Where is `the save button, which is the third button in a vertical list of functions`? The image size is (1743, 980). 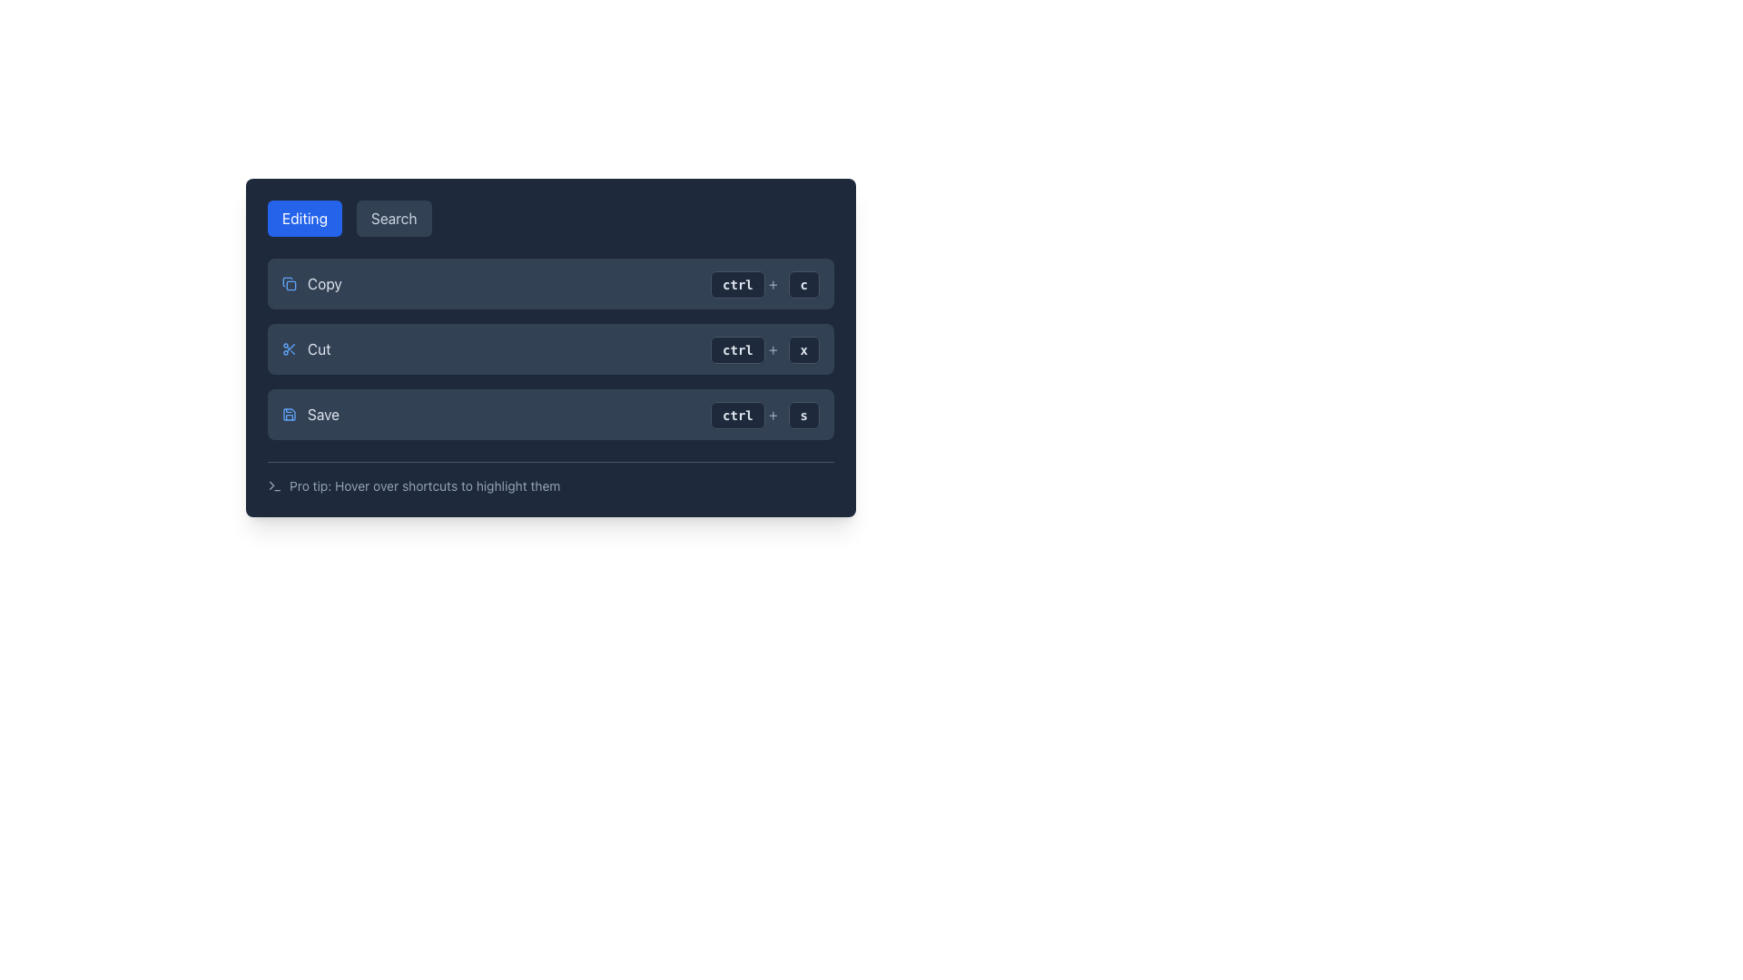 the save button, which is the third button in a vertical list of functions is located at coordinates (549, 414).